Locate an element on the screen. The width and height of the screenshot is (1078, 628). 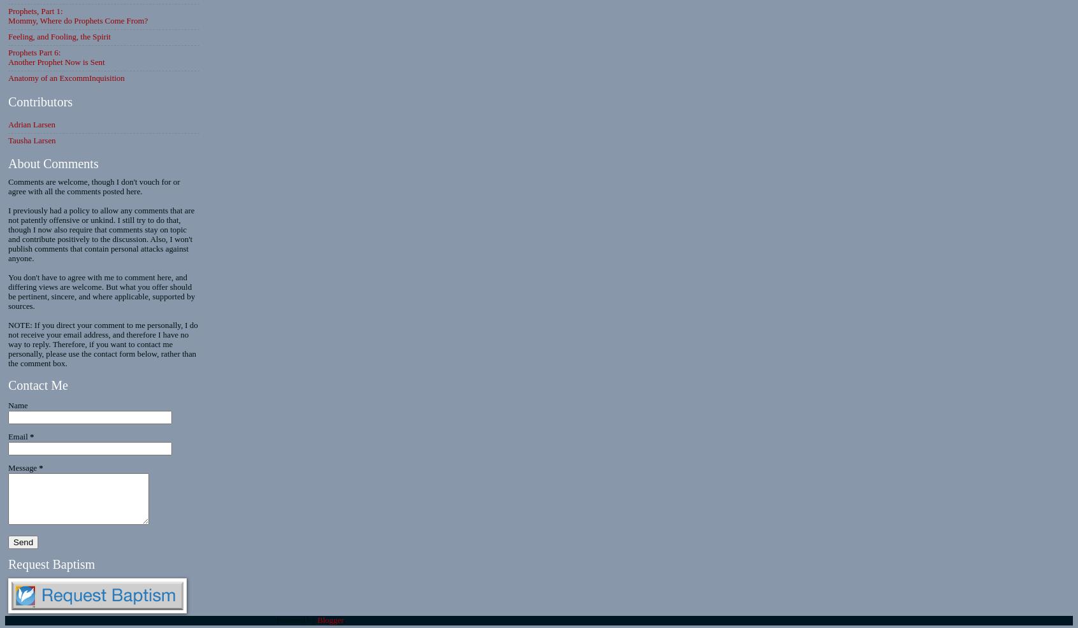
'Prophets Part 6:' is located at coordinates (8, 53).